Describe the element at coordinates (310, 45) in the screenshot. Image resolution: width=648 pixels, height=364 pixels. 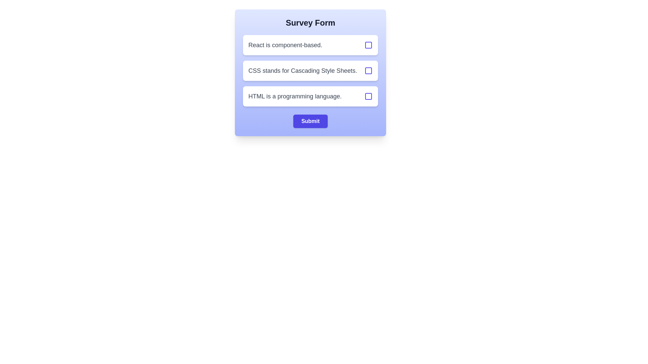
I see `the option with text 'React is component-based.' to observe its hover effect` at that location.